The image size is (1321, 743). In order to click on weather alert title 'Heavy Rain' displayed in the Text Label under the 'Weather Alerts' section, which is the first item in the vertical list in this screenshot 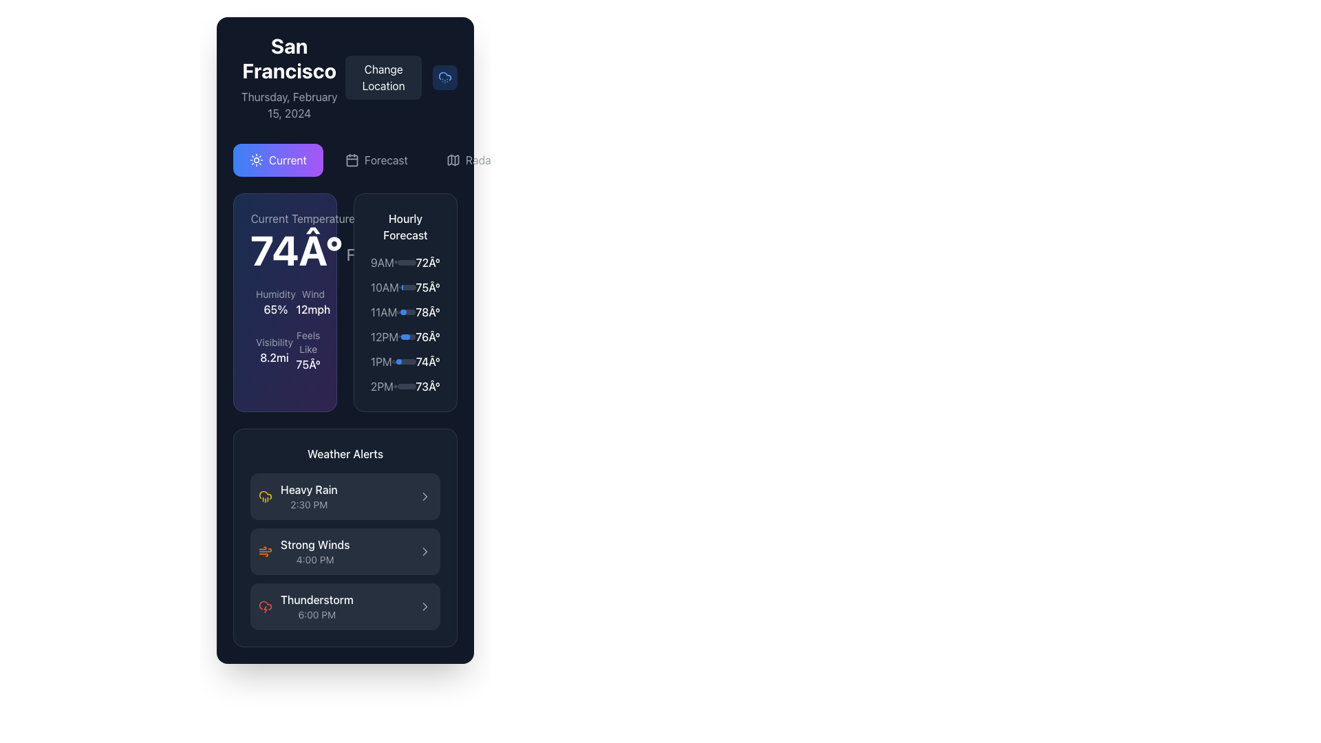, I will do `click(308, 489)`.